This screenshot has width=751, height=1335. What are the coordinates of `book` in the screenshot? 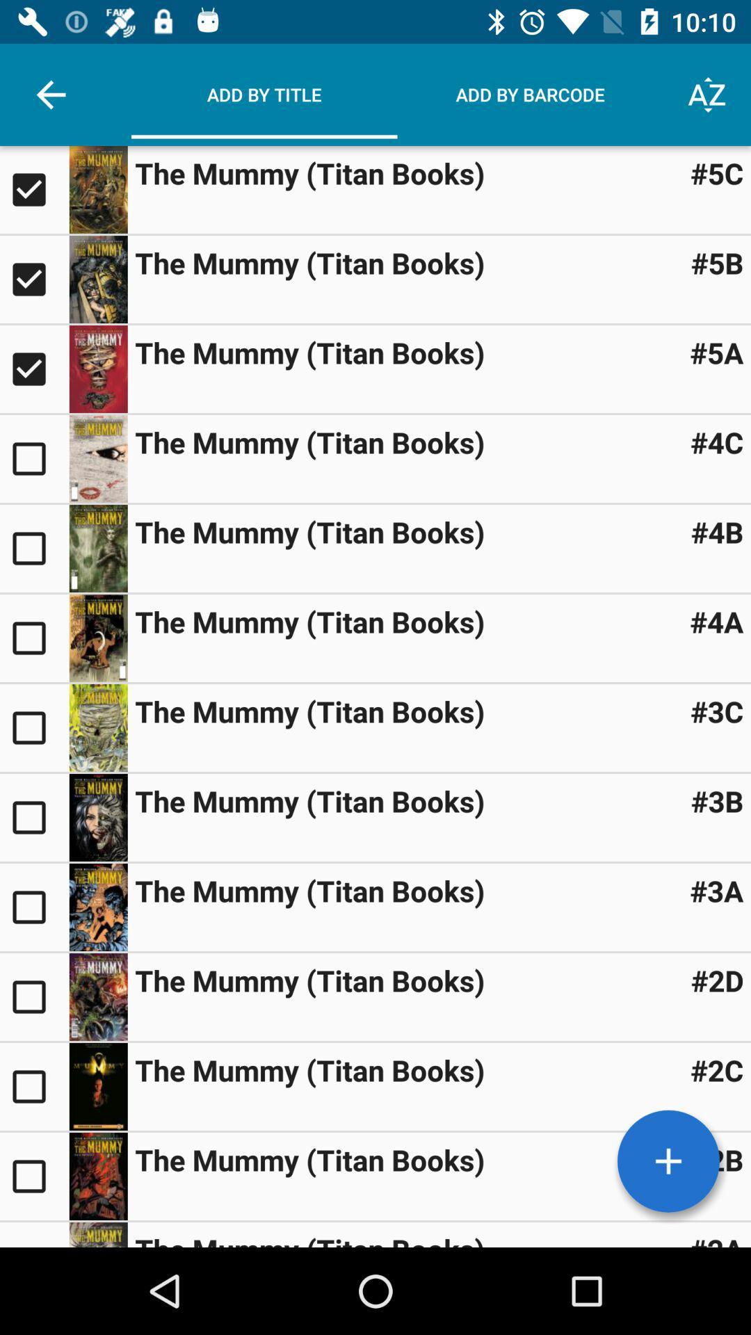 It's located at (97, 279).